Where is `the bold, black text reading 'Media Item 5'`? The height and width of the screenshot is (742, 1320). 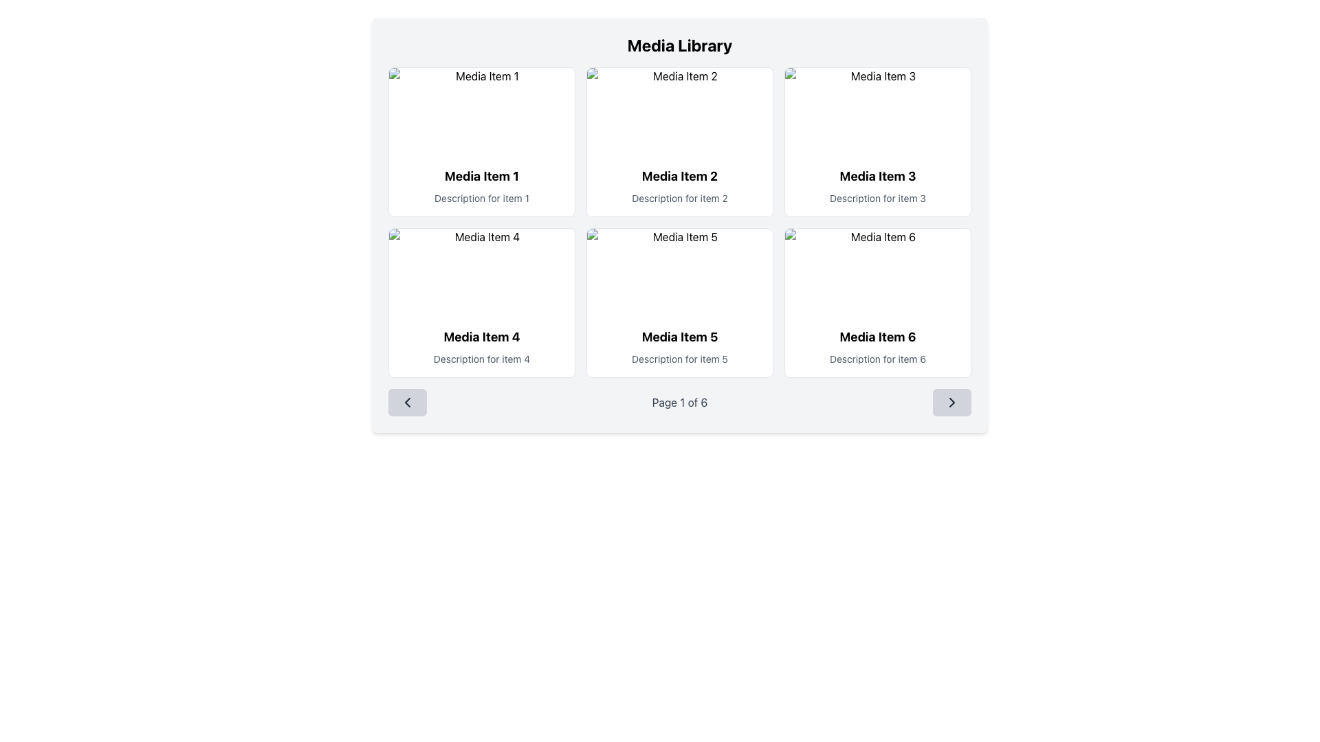 the bold, black text reading 'Media Item 5' is located at coordinates (679, 337).